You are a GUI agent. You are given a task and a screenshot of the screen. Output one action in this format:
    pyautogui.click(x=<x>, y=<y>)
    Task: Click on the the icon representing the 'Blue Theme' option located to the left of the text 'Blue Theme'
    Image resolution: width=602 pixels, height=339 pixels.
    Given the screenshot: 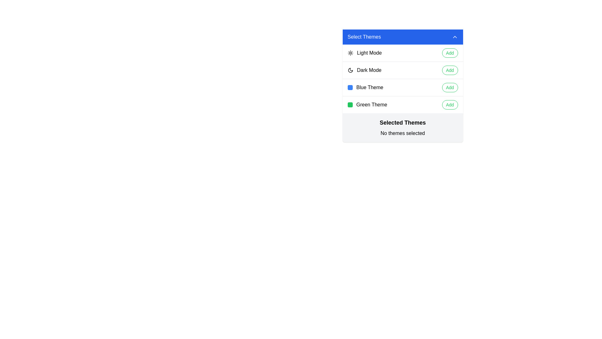 What is the action you would take?
    pyautogui.click(x=350, y=87)
    